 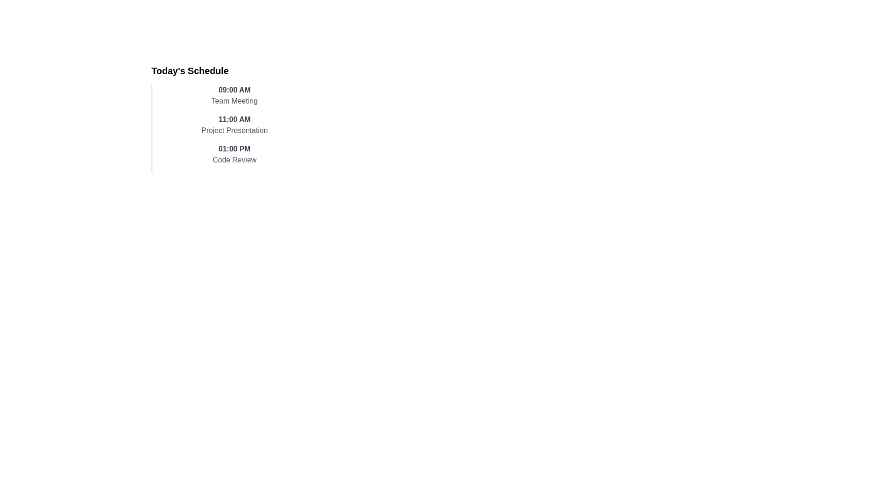 I want to click on the text block displaying the schedule time '01:00 PM Code Review', which is the third item in a vertically stacked schedule list, so click(x=234, y=154).